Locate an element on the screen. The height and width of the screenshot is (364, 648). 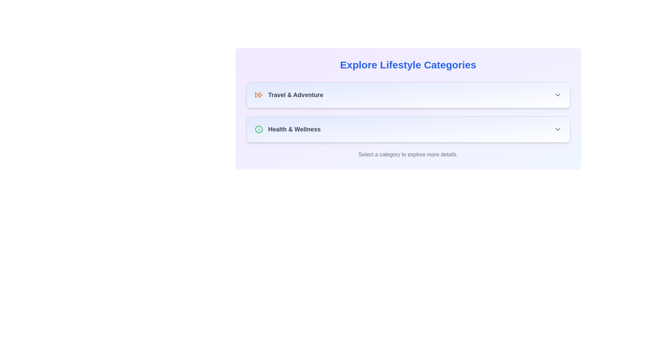
the 'Health & Wellness' label element, which is the second item in a vertical list under 'Travel & Adventure' is located at coordinates (288, 129).